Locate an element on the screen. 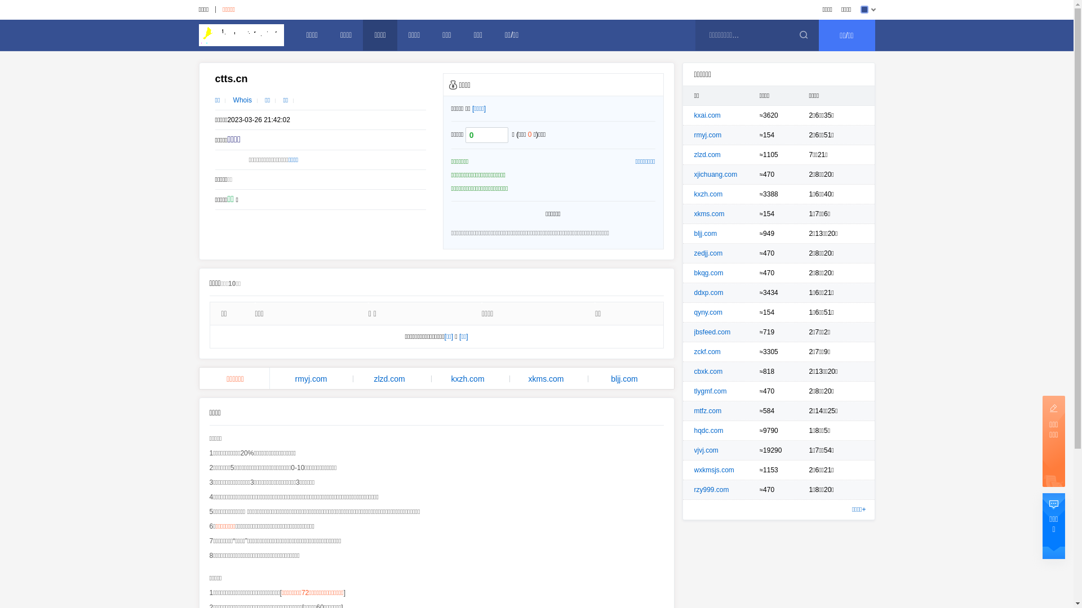 The height and width of the screenshot is (608, 1082). 'jbsfeed.com' is located at coordinates (712, 332).